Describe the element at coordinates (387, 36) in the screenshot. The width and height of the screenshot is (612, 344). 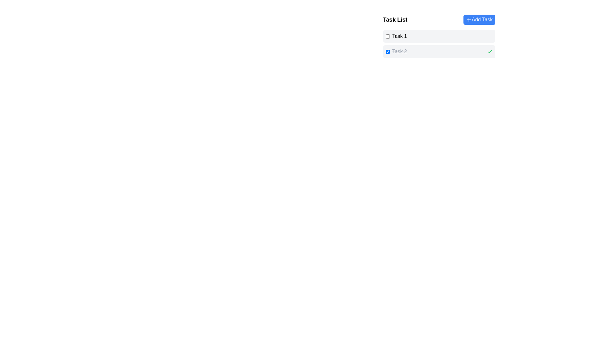
I see `the checkbox that toggles the completion state of the associated task` at that location.